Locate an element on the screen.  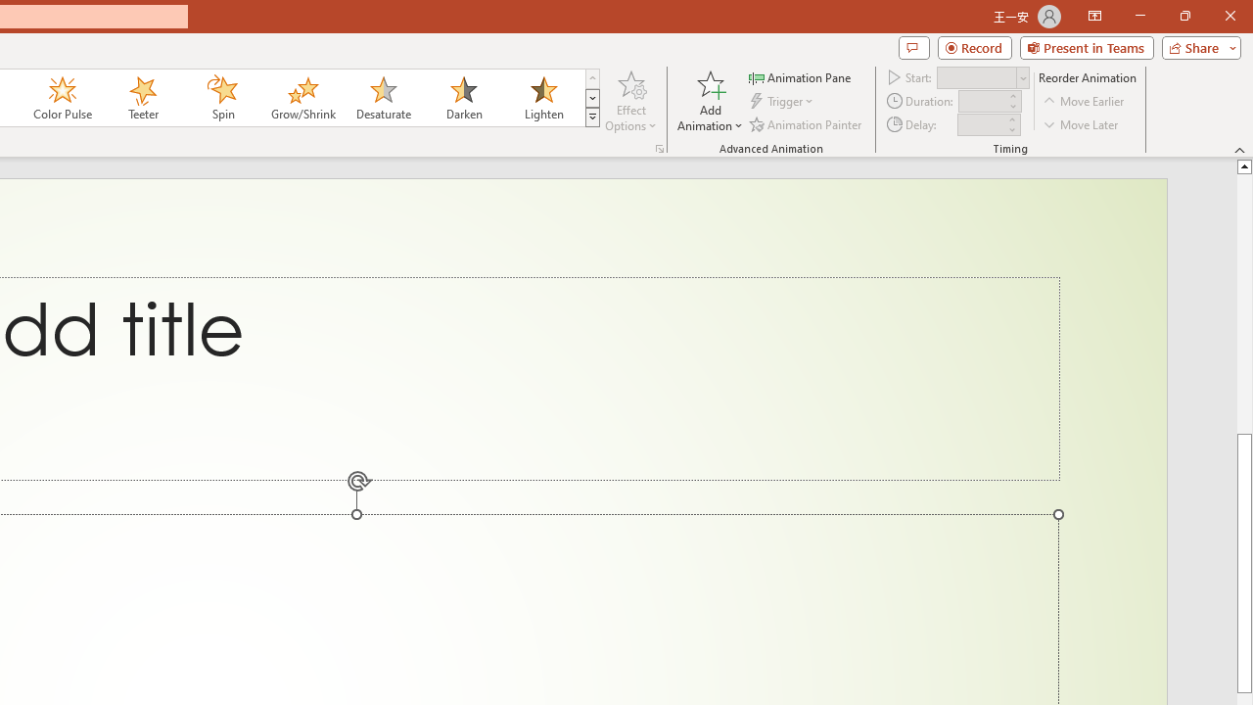
'Color Pulse' is located at coordinates (63, 98).